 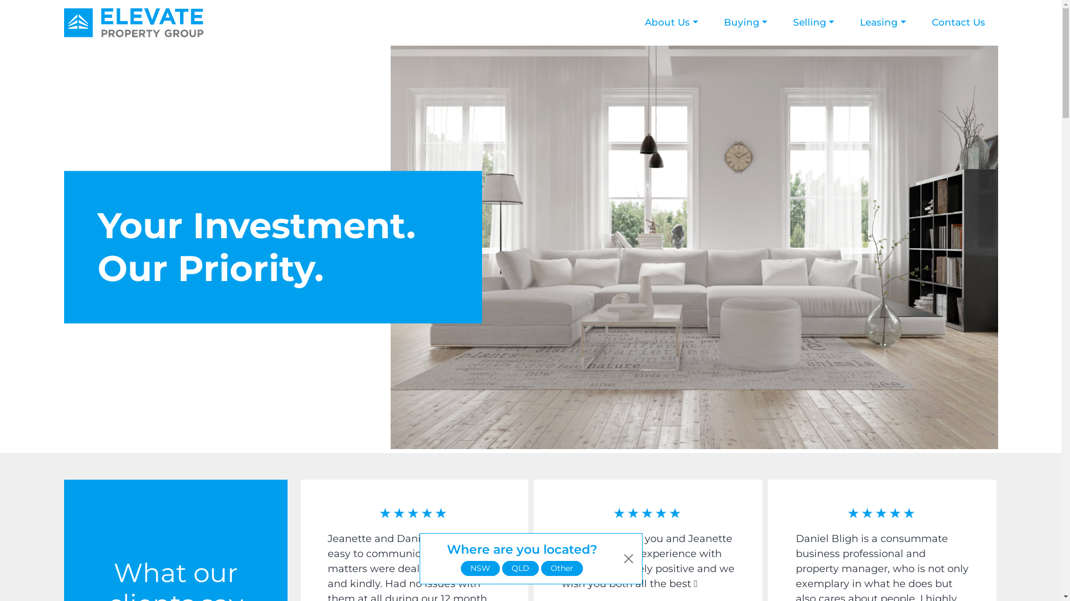 I want to click on 'Other', so click(x=562, y=568).